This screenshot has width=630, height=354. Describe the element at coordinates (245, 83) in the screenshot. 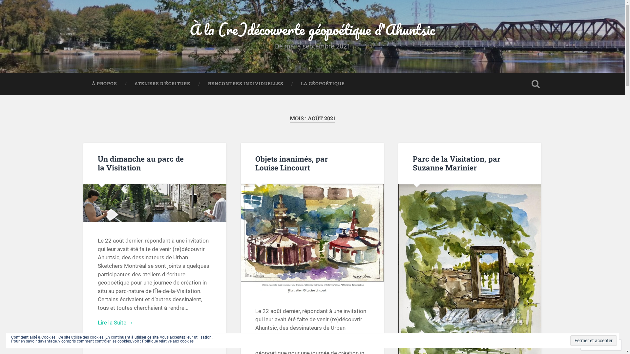

I see `'RENCONTRES INDIVIDUELLES'` at that location.